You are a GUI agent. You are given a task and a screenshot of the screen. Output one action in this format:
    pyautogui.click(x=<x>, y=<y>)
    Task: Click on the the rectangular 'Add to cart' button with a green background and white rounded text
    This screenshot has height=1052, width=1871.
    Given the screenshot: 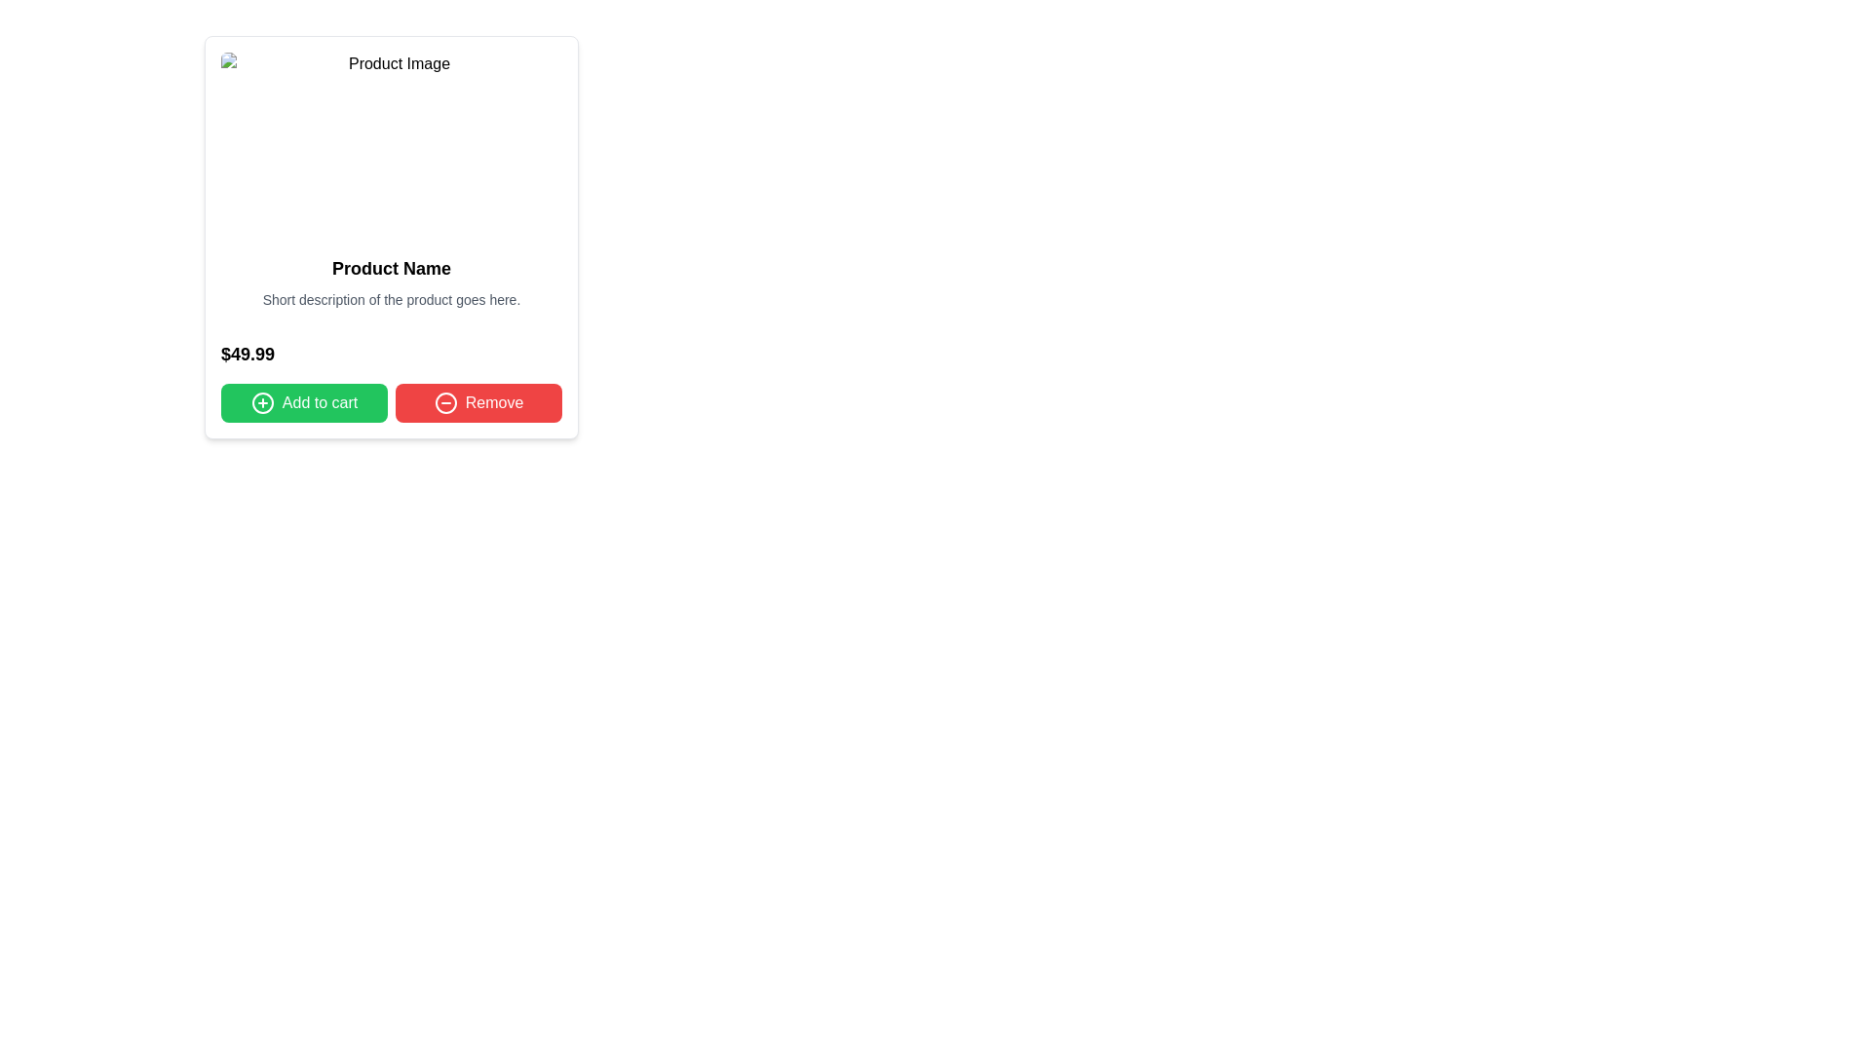 What is the action you would take?
    pyautogui.click(x=303, y=401)
    